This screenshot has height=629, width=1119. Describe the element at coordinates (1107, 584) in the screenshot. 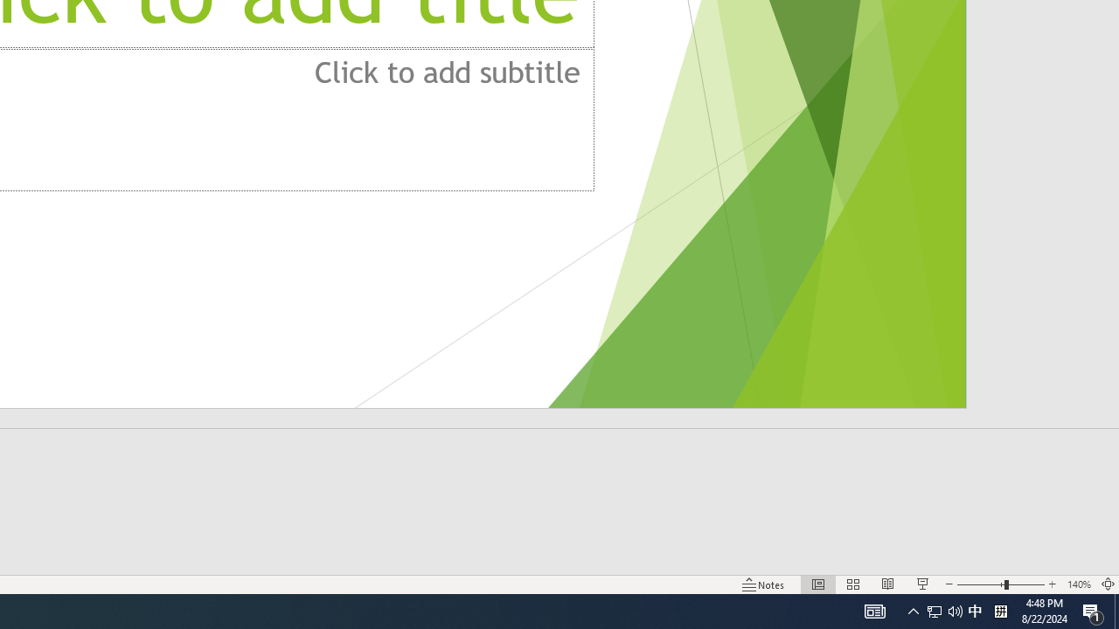

I see `'Zoom to Fit '` at that location.